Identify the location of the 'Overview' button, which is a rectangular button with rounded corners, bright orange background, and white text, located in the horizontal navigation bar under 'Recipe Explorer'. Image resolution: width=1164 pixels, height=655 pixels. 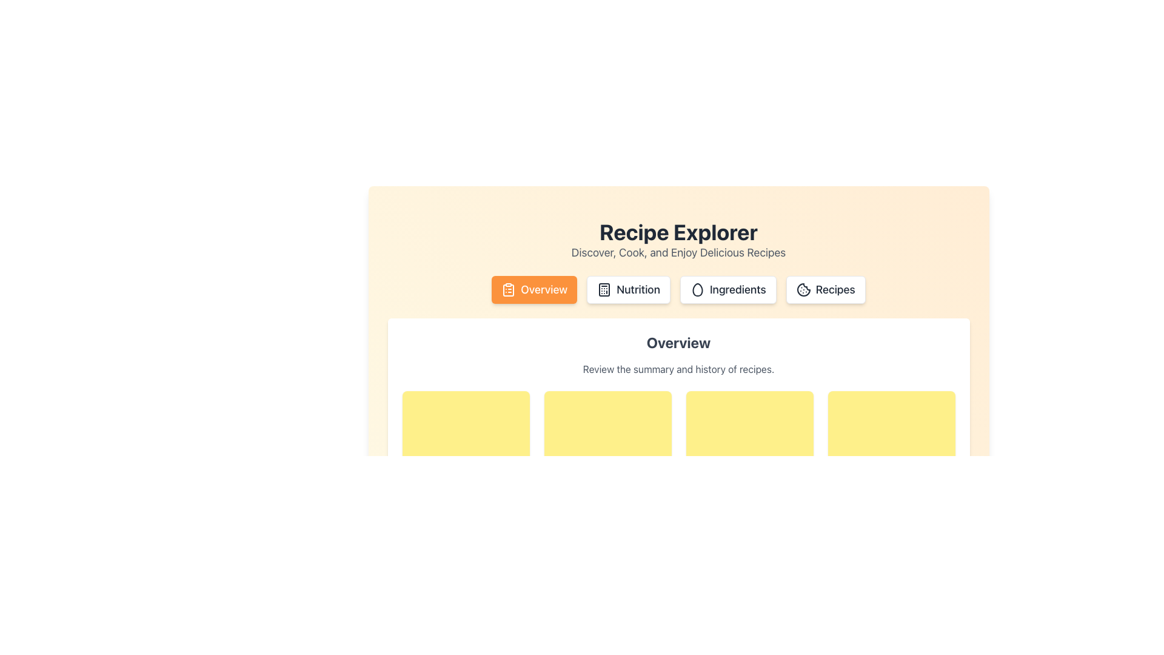
(533, 290).